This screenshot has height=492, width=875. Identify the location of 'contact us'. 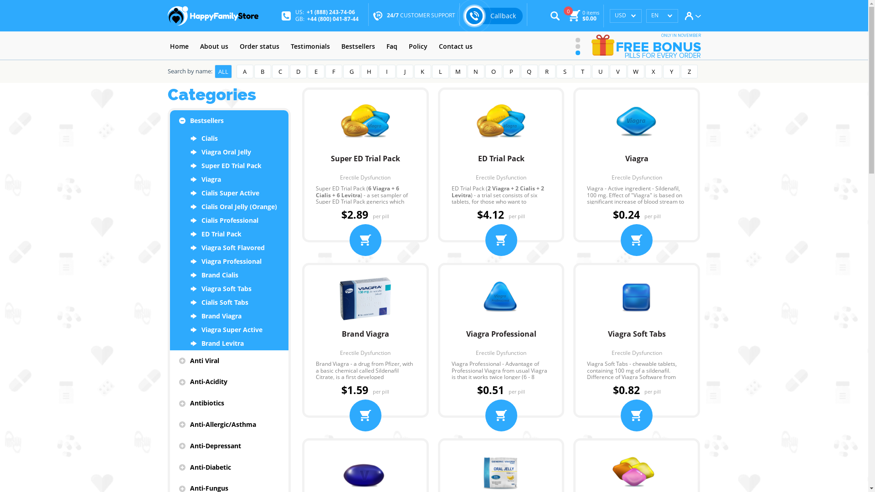
(436, 46).